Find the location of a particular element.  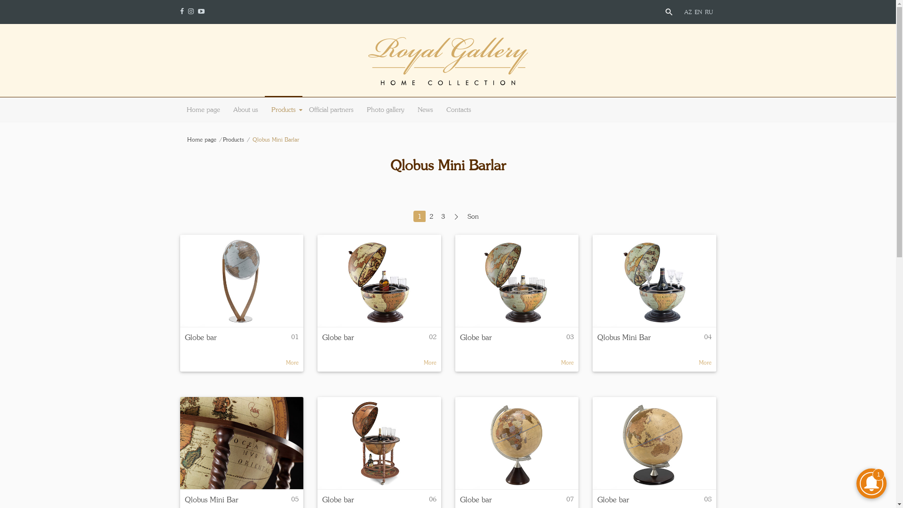

'News' is located at coordinates (425, 109).